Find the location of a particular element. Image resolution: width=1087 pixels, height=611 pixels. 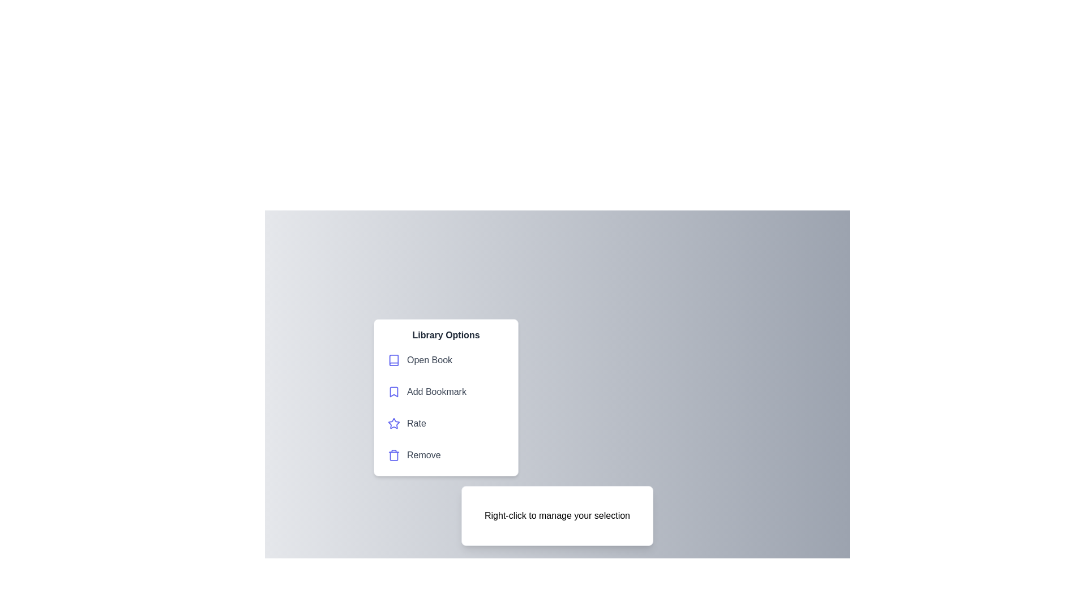

the Remove from the context menu is located at coordinates (445, 455).